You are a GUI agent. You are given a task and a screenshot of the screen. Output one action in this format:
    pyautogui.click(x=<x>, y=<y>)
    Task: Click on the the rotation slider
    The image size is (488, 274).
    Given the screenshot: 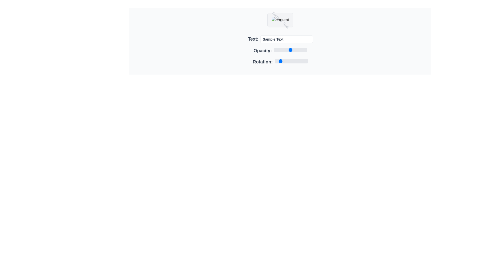 What is the action you would take?
    pyautogui.click(x=307, y=61)
    